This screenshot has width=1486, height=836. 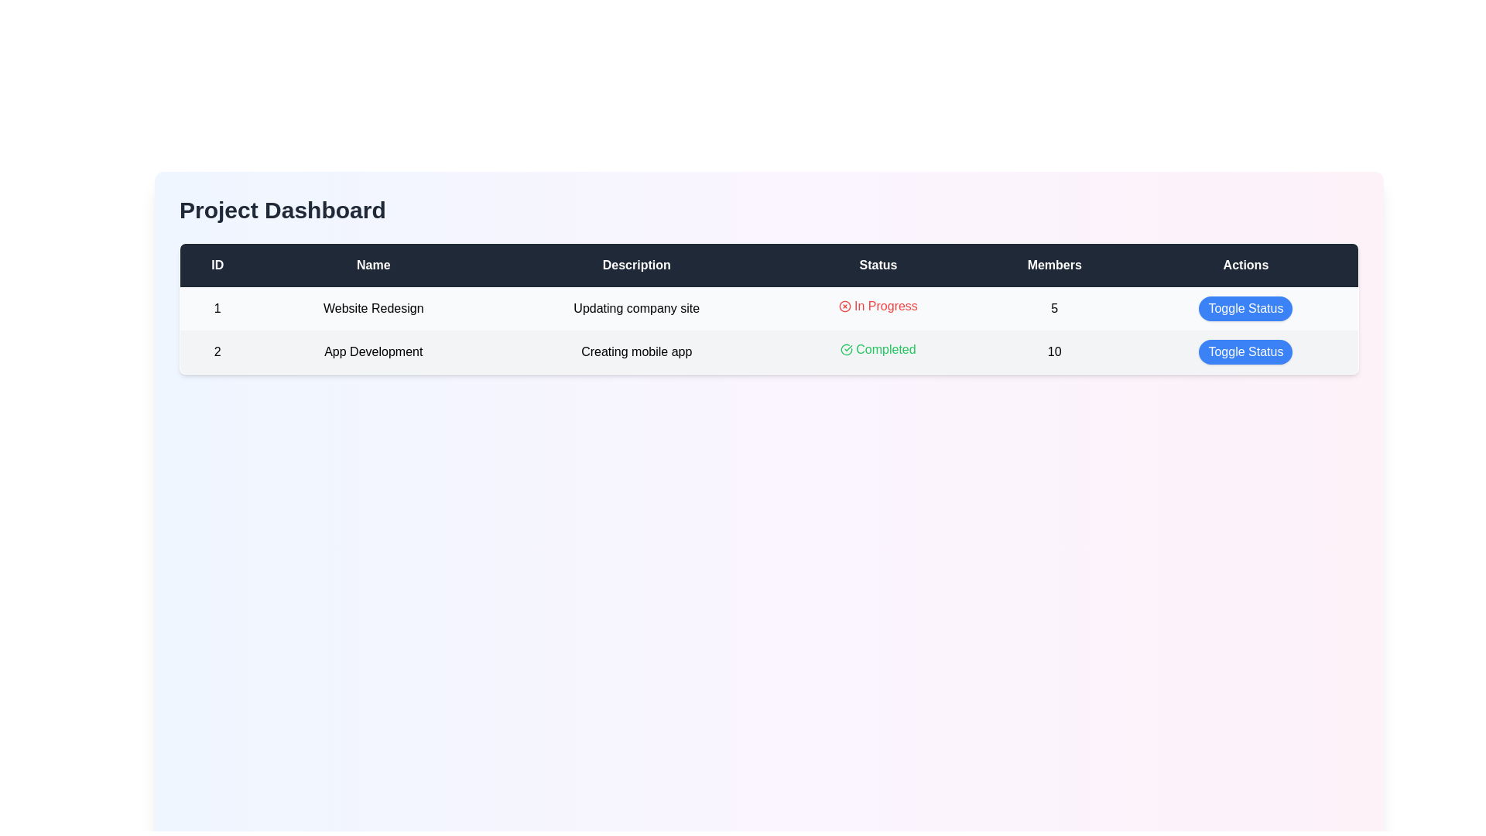 What do you see at coordinates (636, 308) in the screenshot?
I see `text content of the label displaying 'Updating company site', which is located in the third column of the first row under the 'Description' column in the table` at bounding box center [636, 308].